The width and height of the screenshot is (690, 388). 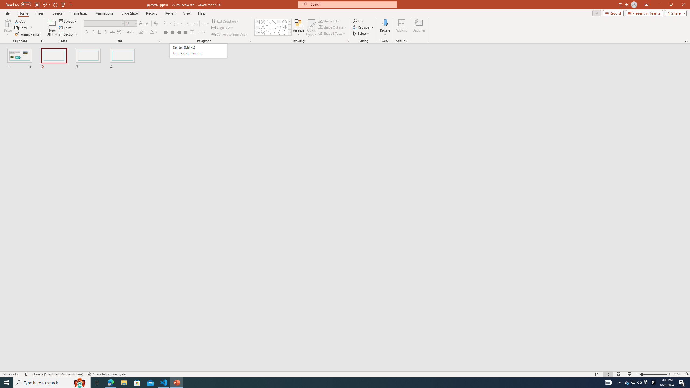 What do you see at coordinates (257, 27) in the screenshot?
I see `'Rectangle: Rounded Corners'` at bounding box center [257, 27].